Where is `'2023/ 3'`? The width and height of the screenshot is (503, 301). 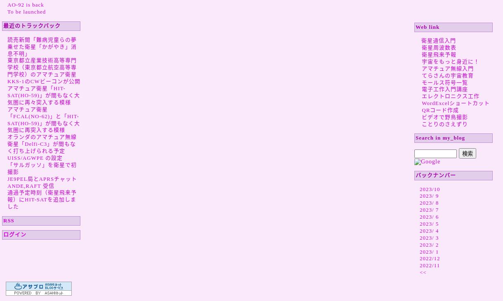
'2023/ 3' is located at coordinates (429, 237).